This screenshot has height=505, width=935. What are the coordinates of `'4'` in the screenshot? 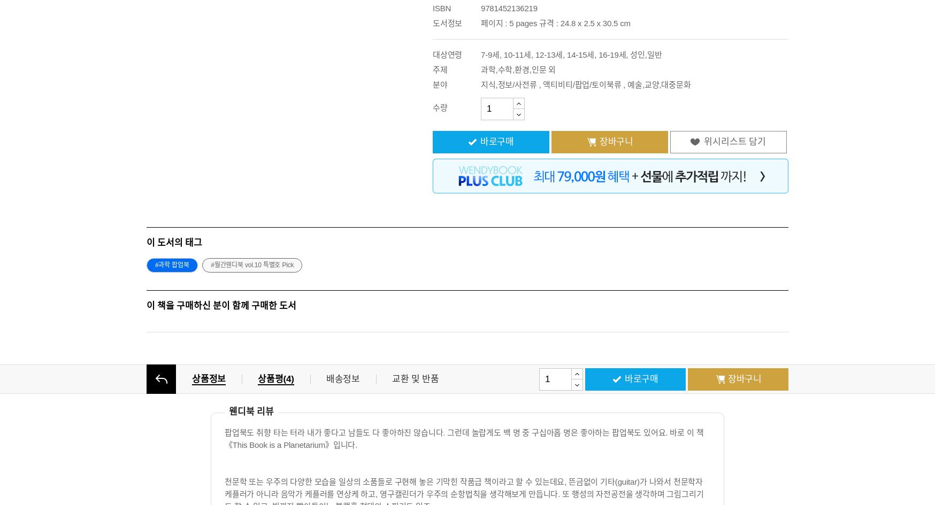 It's located at (288, 379).